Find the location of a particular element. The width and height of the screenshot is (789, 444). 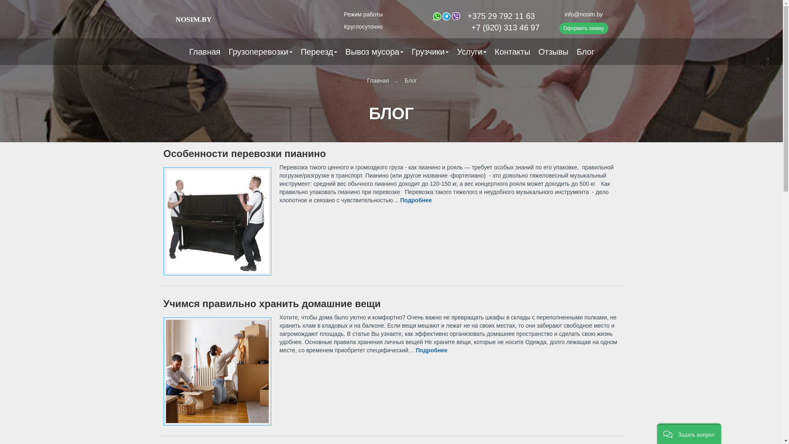

'+7 (920) 313 46 97' is located at coordinates (481, 27).